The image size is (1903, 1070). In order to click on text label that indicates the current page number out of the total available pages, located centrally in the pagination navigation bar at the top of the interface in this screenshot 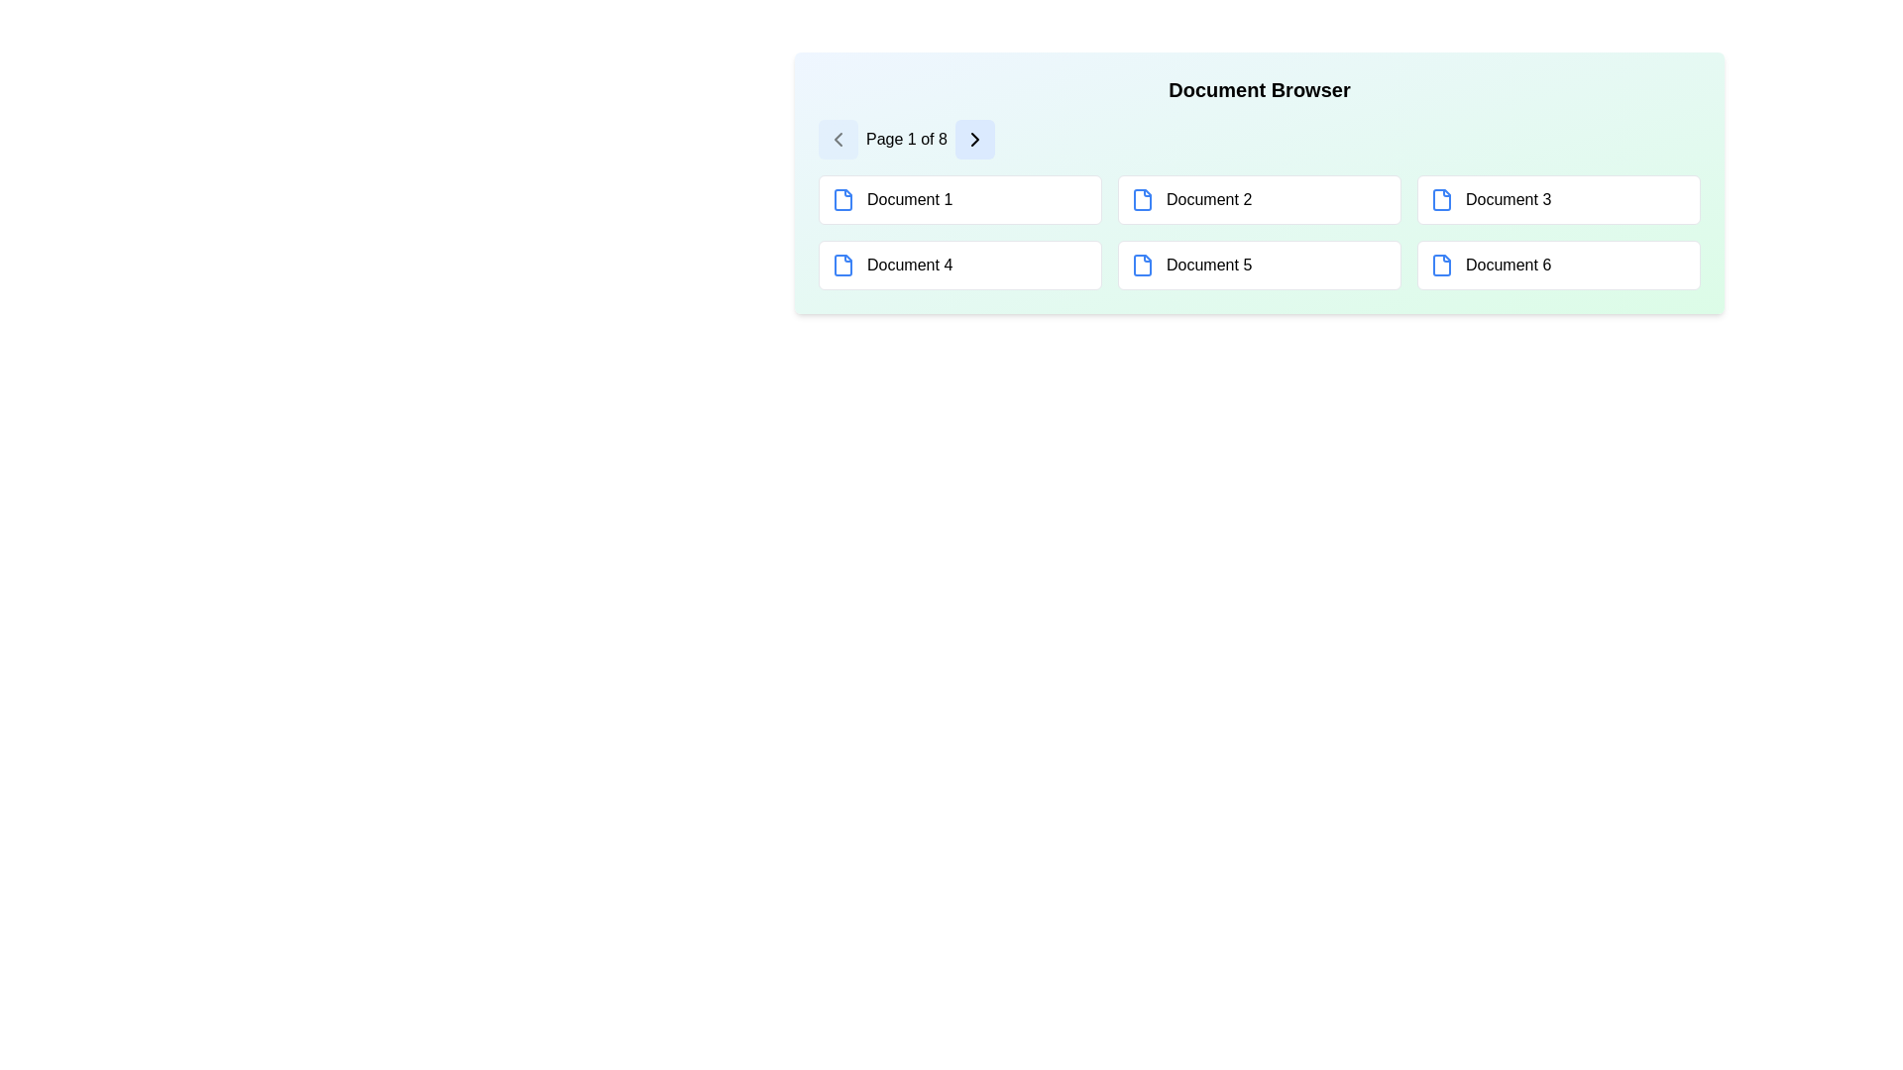, I will do `click(905, 139)`.